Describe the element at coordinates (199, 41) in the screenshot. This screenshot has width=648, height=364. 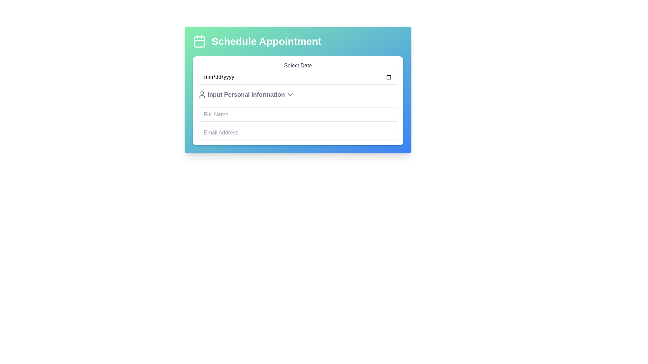
I see `the calendar icon with white lines on a green background, located to the left of the 'Schedule Appointment' text in the top section of the user interface` at that location.